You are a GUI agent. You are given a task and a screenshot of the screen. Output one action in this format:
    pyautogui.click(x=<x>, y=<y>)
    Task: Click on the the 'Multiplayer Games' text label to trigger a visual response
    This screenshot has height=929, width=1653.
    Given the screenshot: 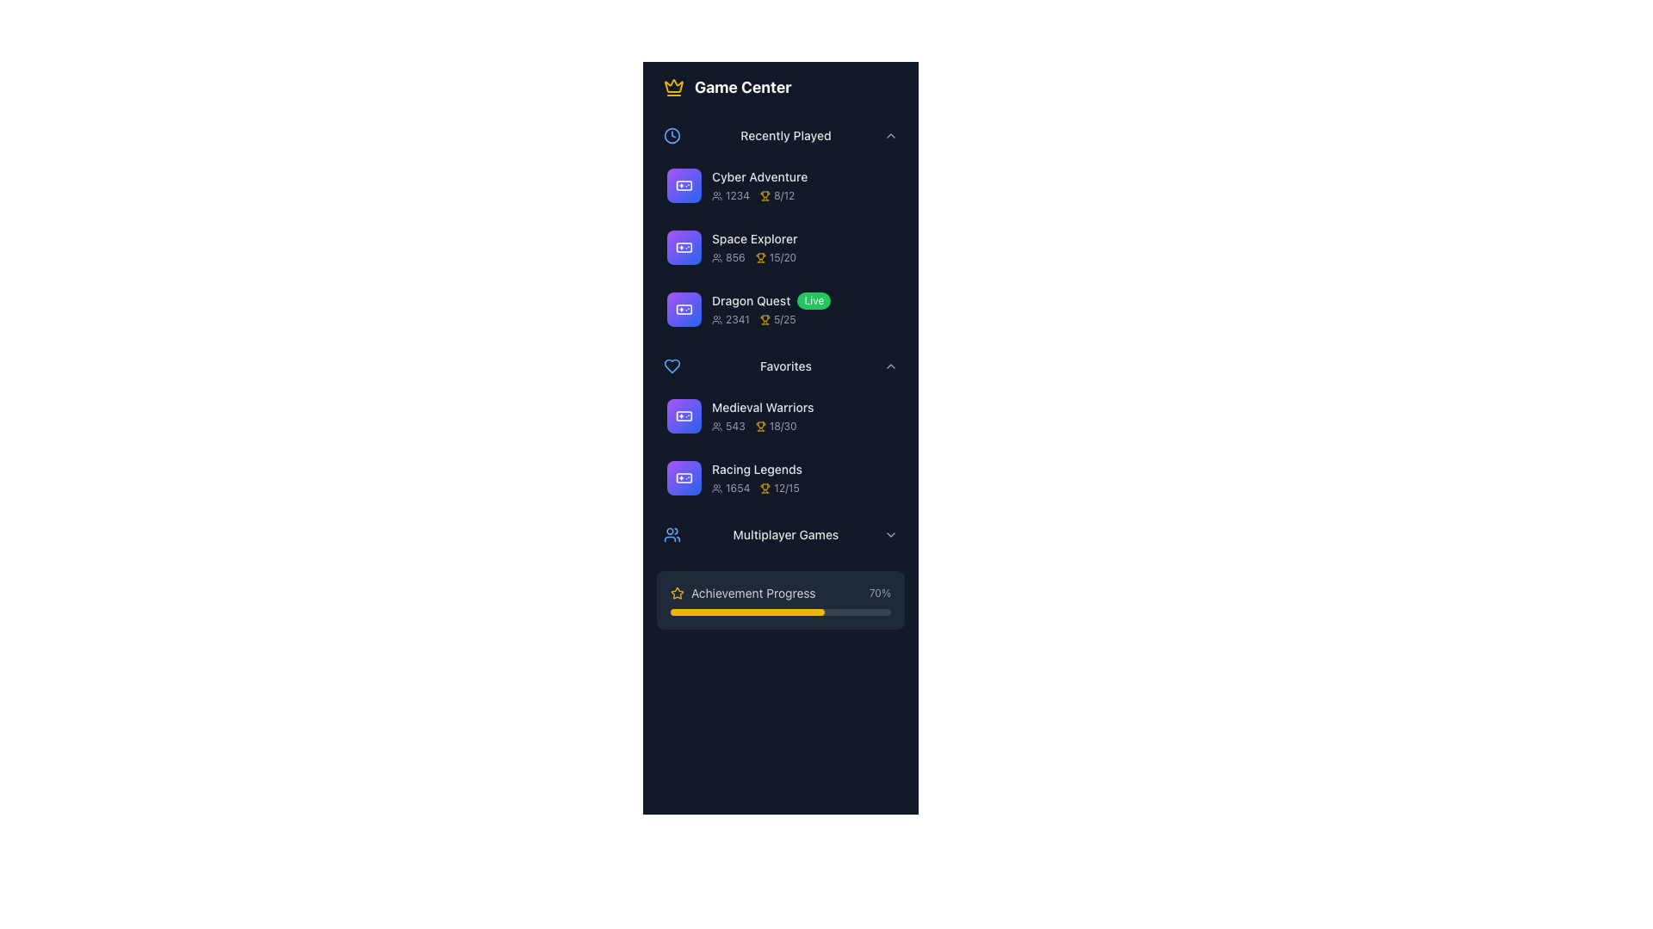 What is the action you would take?
    pyautogui.click(x=784, y=533)
    